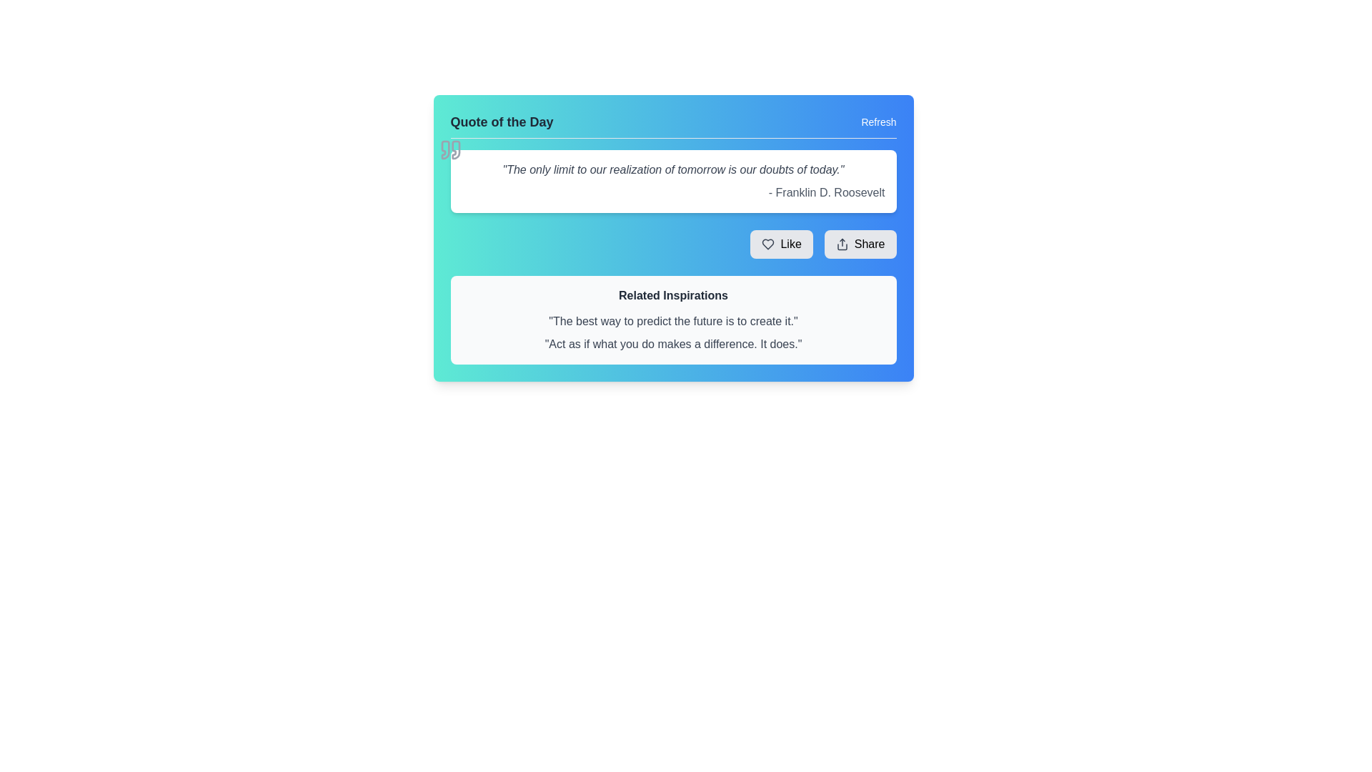 The height and width of the screenshot is (772, 1372). I want to click on the share button located in the bottom-right corner of the quote card interface, which is the second button next to the 'Like' button, to share the content, so click(860, 244).